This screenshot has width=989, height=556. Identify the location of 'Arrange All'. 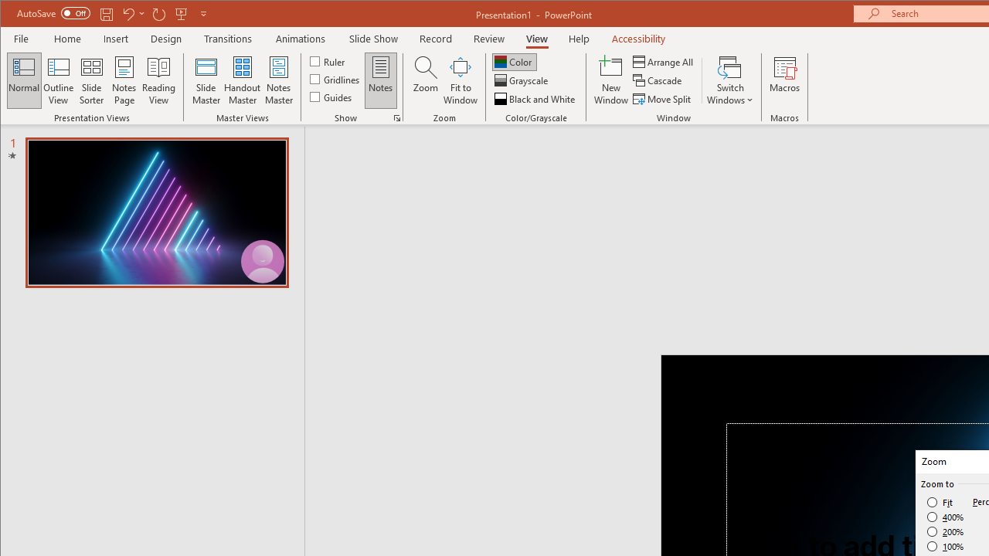
(664, 61).